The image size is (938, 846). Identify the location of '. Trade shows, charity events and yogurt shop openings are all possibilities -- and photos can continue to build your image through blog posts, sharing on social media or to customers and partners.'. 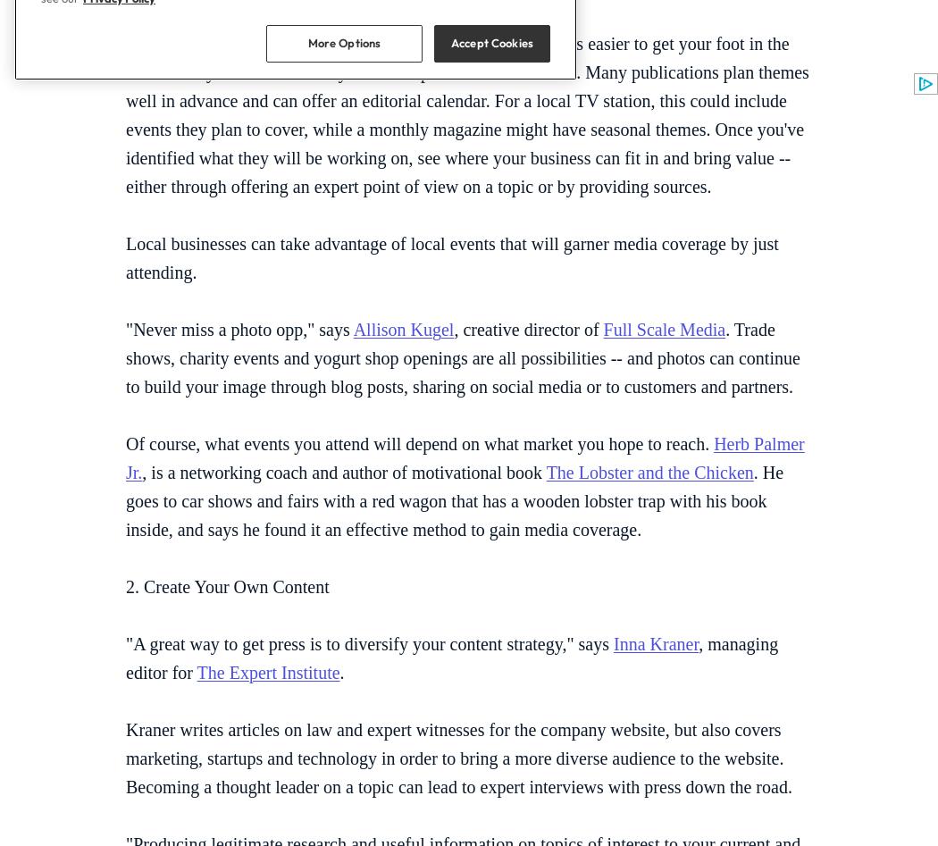
(461, 357).